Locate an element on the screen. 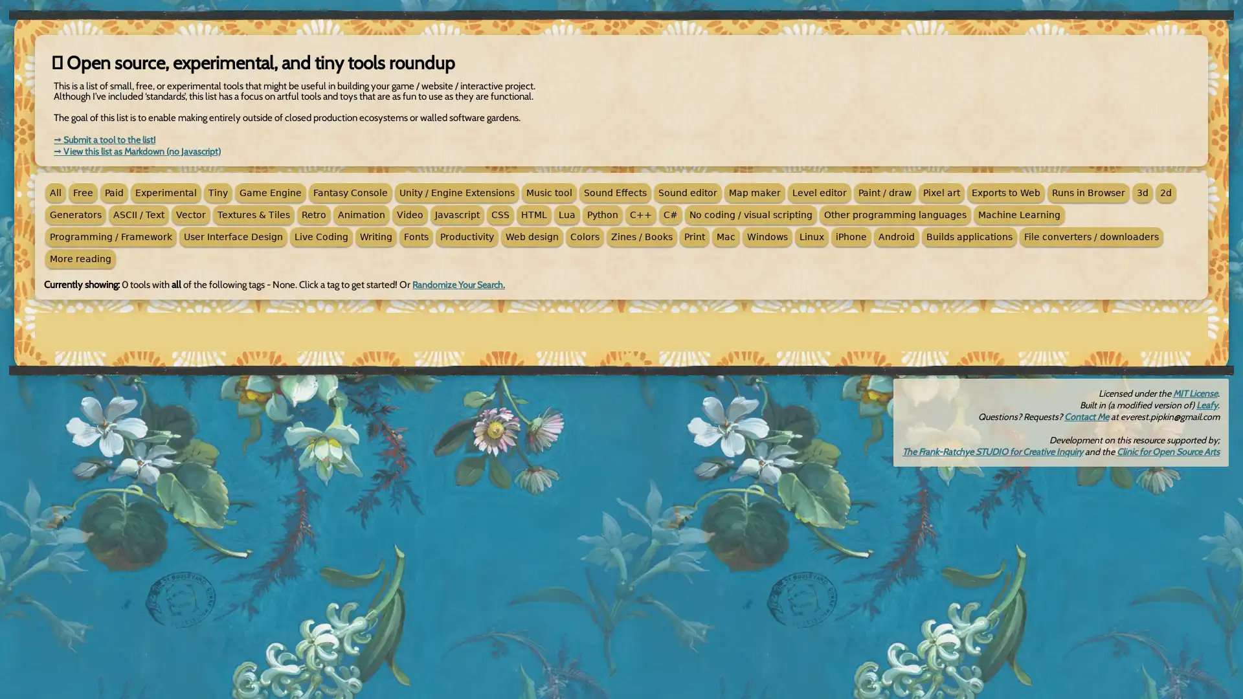 The image size is (1243, 699). Javascript is located at coordinates (457, 214).